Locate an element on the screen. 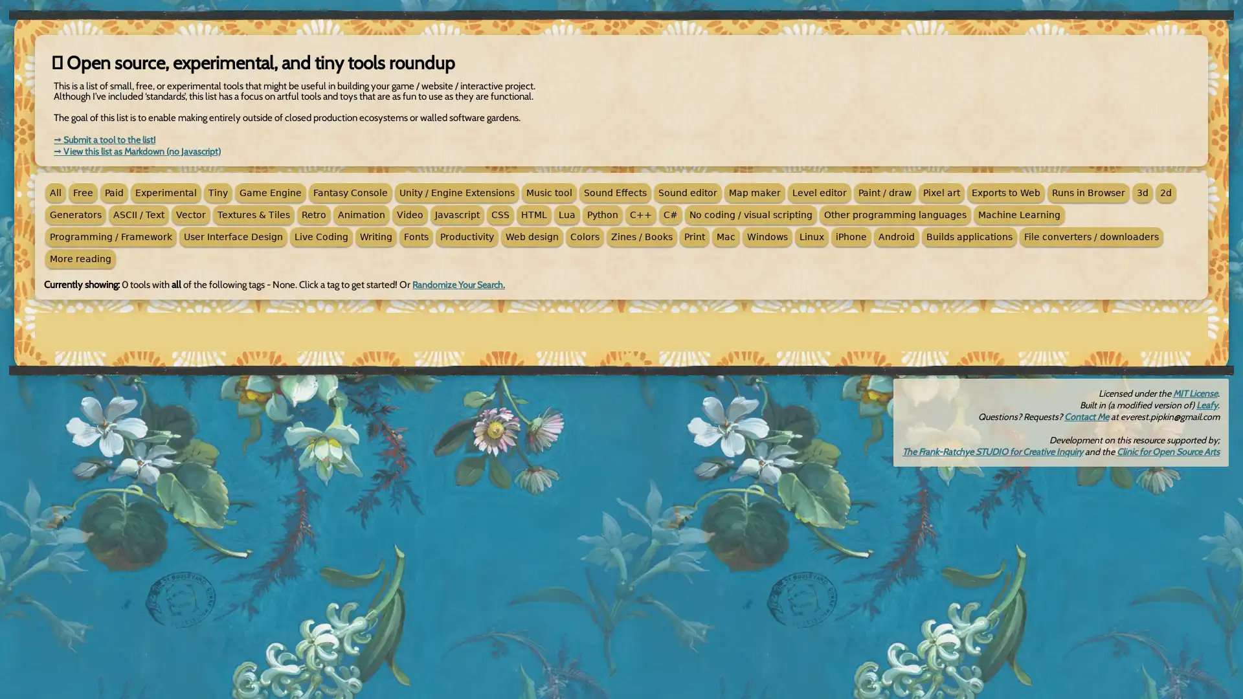 The image size is (1243, 699). Javascript is located at coordinates (457, 214).